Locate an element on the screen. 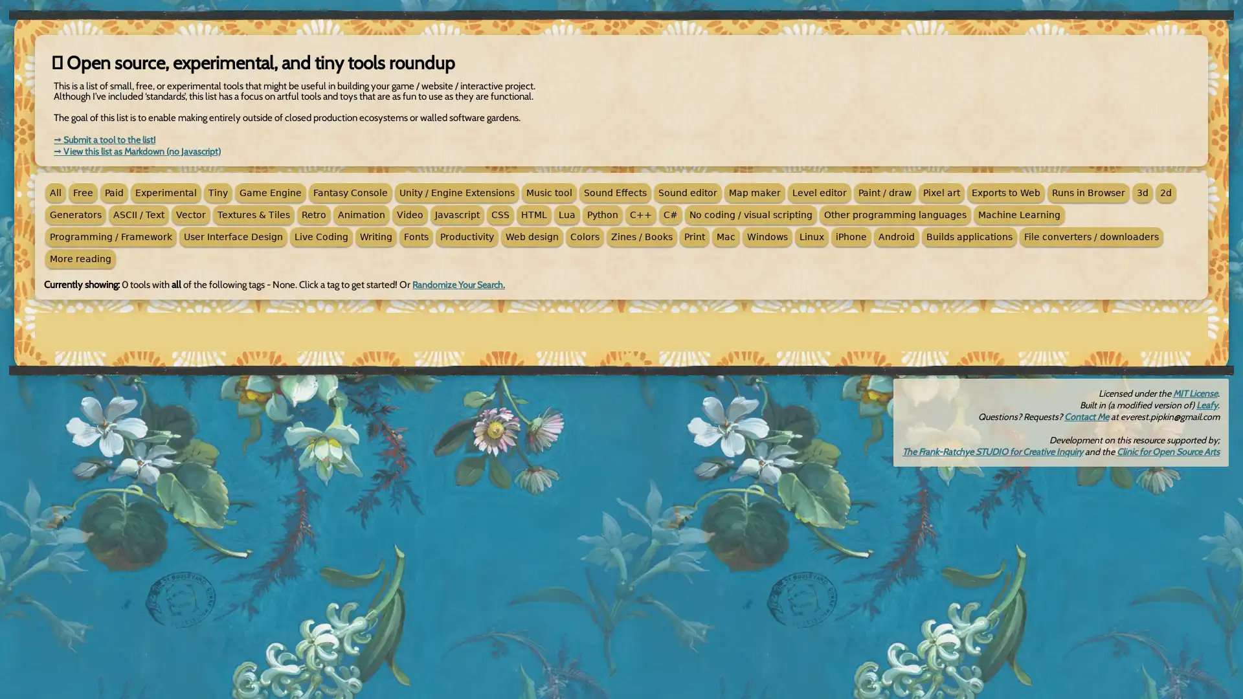 The image size is (1243, 699). Javascript is located at coordinates (457, 214).